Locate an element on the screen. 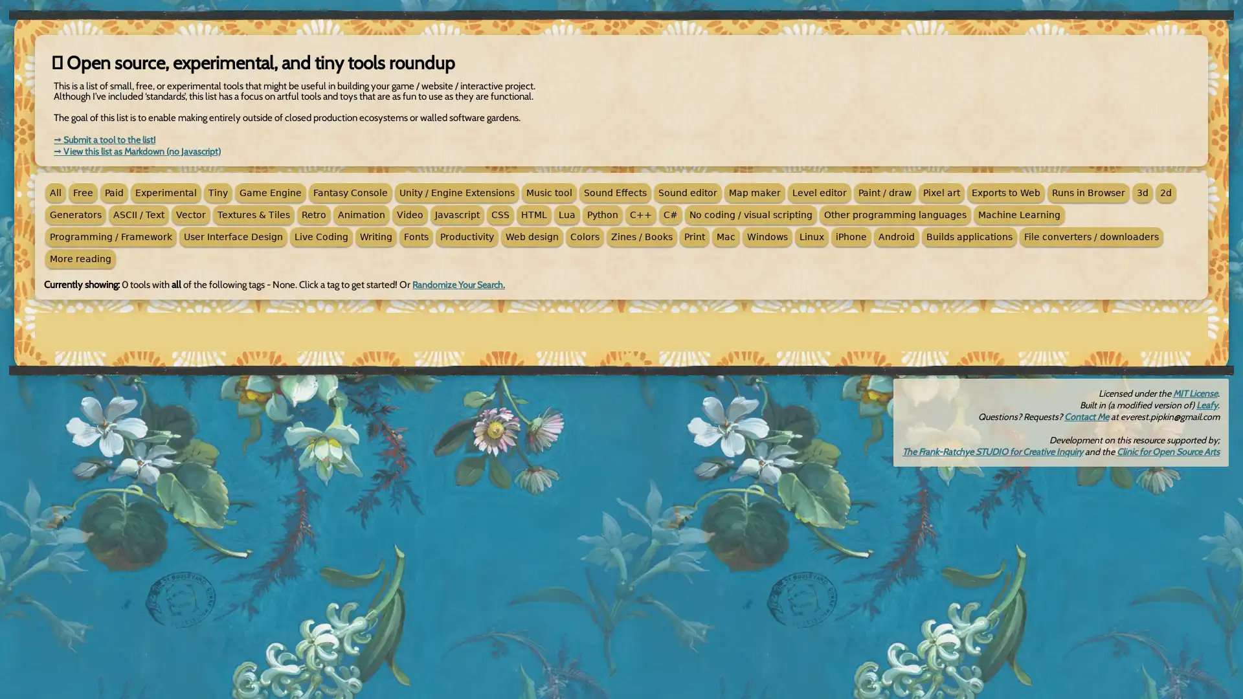 The image size is (1243, 699). Javascript is located at coordinates (457, 214).